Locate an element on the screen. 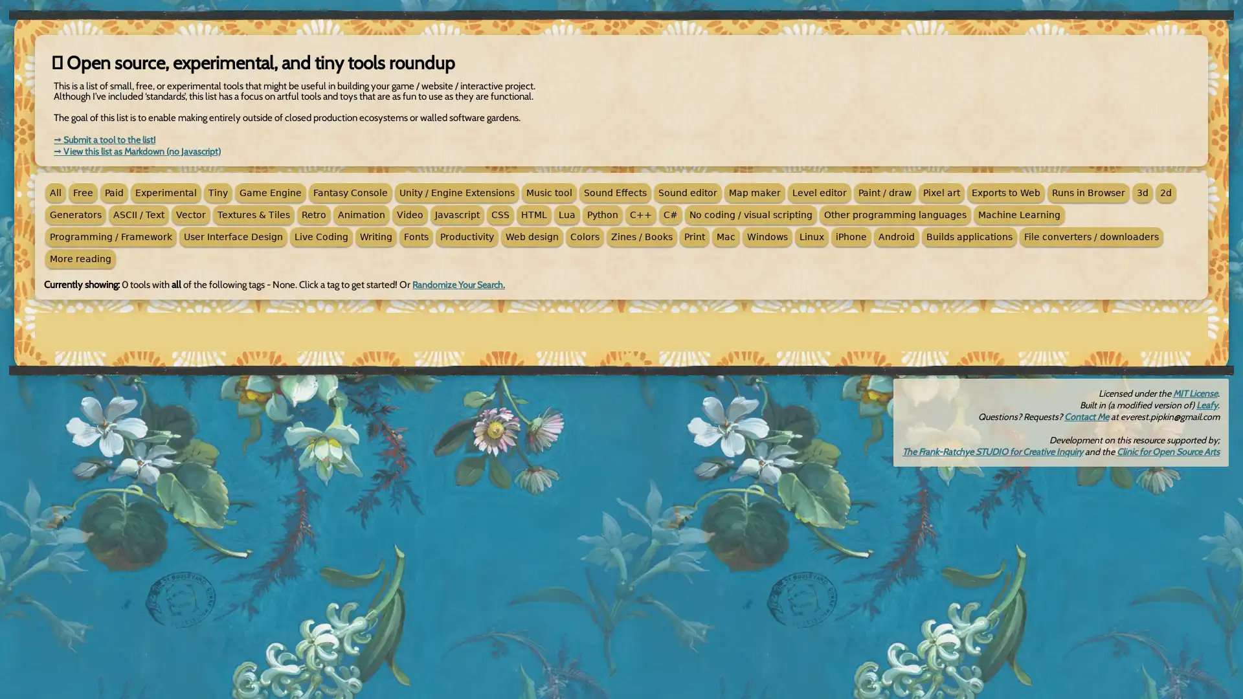 The image size is (1243, 699). Javascript is located at coordinates (457, 214).